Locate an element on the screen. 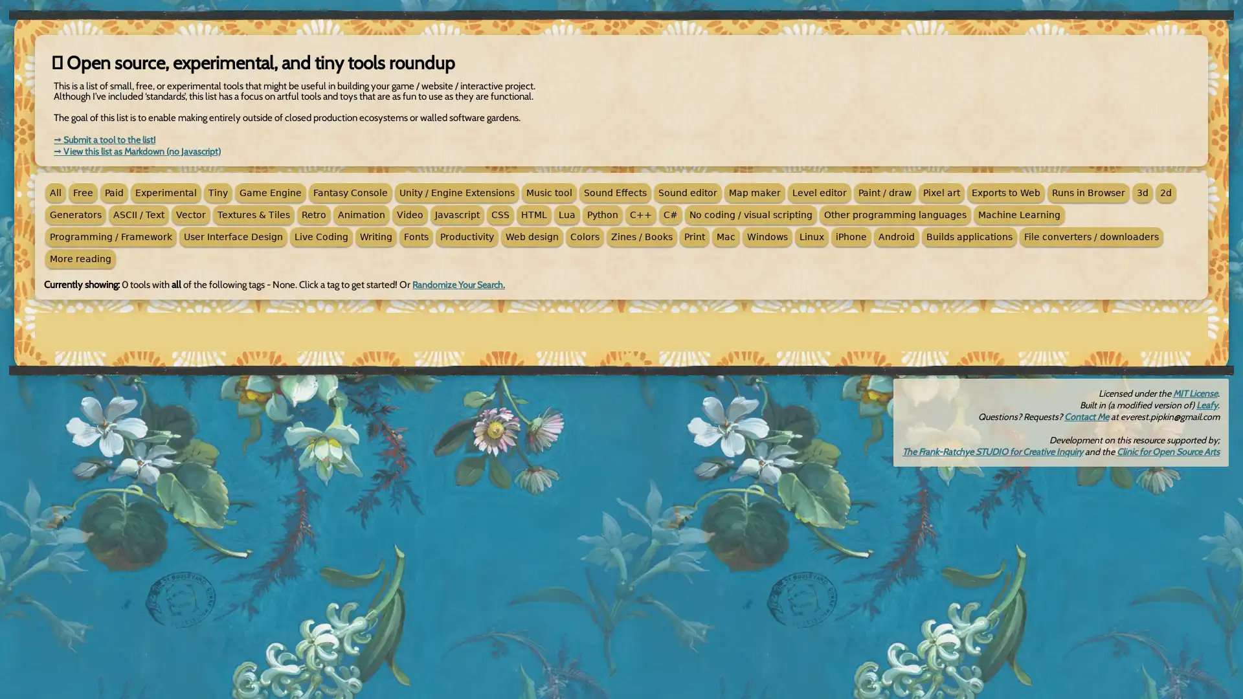 The image size is (1243, 699). Javascript is located at coordinates (457, 214).